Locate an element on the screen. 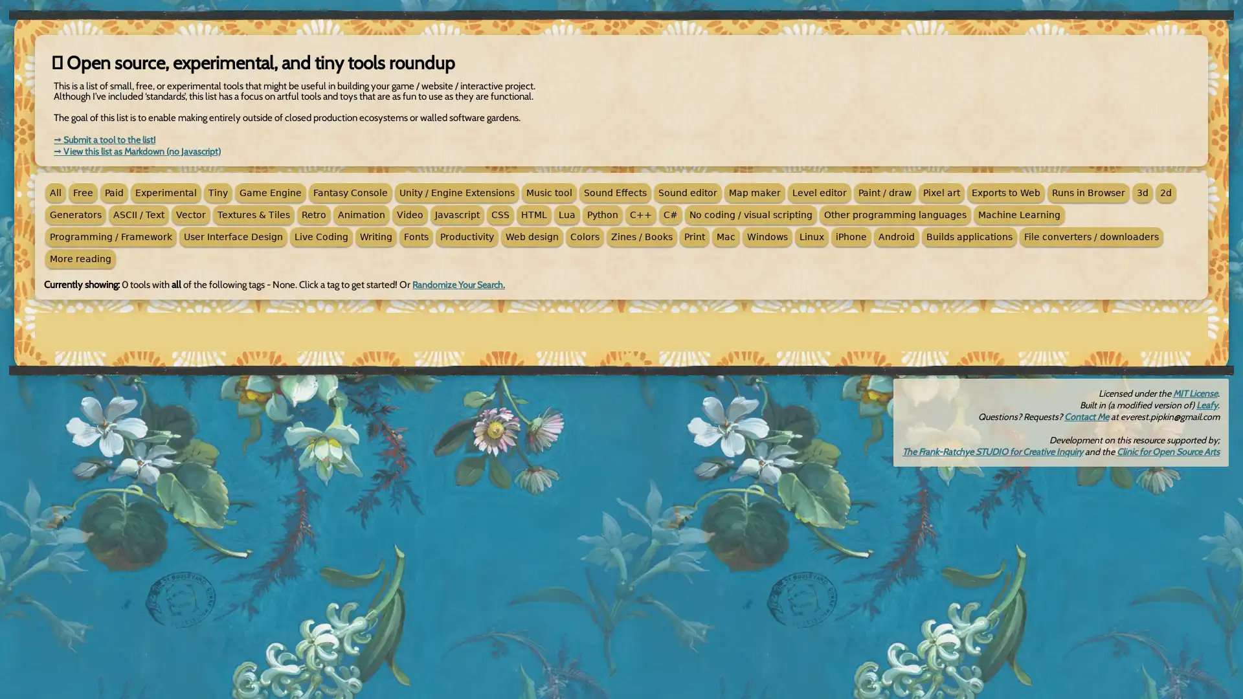 The image size is (1243, 699). Javascript is located at coordinates (457, 214).